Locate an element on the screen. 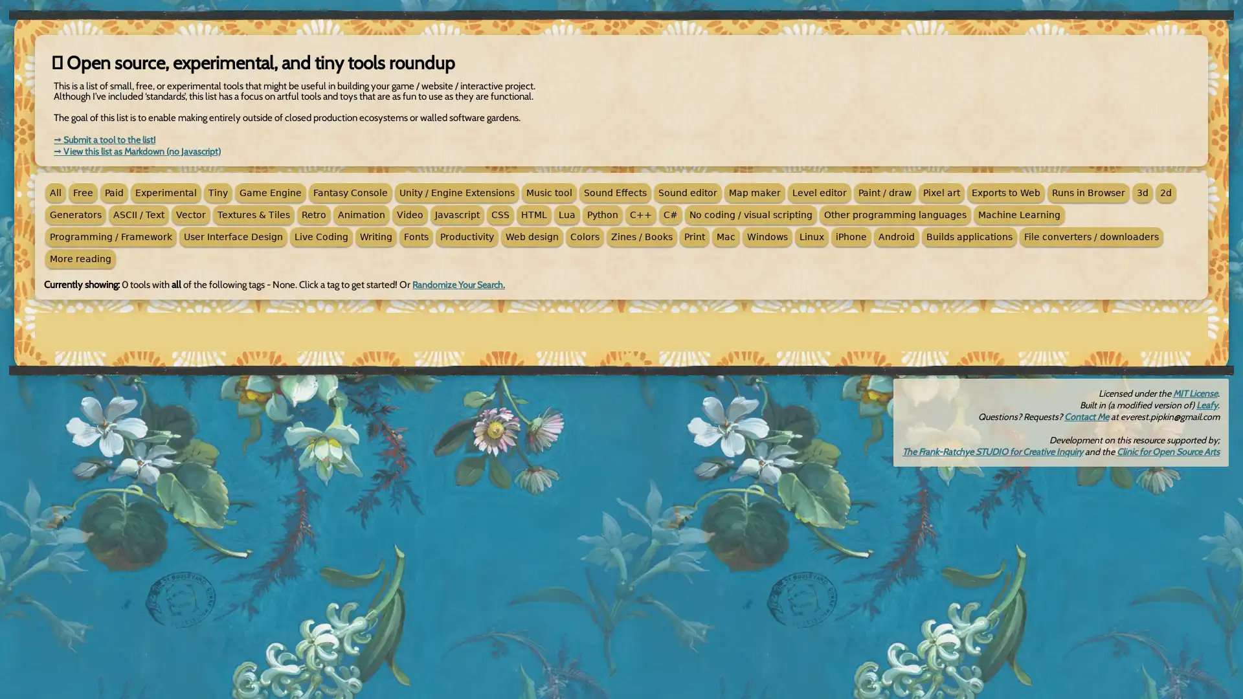 The image size is (1243, 699). Javascript is located at coordinates (457, 214).